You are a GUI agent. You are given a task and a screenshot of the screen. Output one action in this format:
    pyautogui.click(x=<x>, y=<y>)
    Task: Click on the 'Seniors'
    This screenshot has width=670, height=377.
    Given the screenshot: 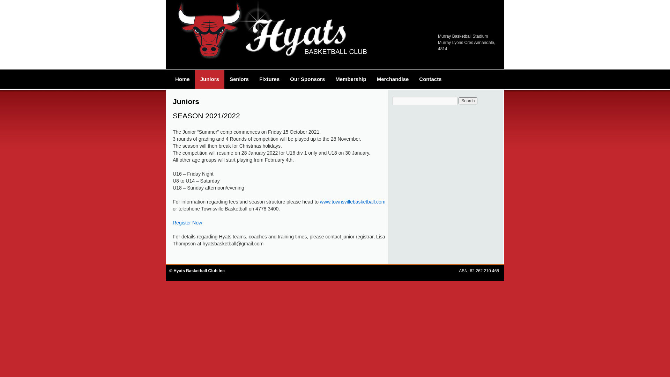 What is the action you would take?
    pyautogui.click(x=239, y=79)
    